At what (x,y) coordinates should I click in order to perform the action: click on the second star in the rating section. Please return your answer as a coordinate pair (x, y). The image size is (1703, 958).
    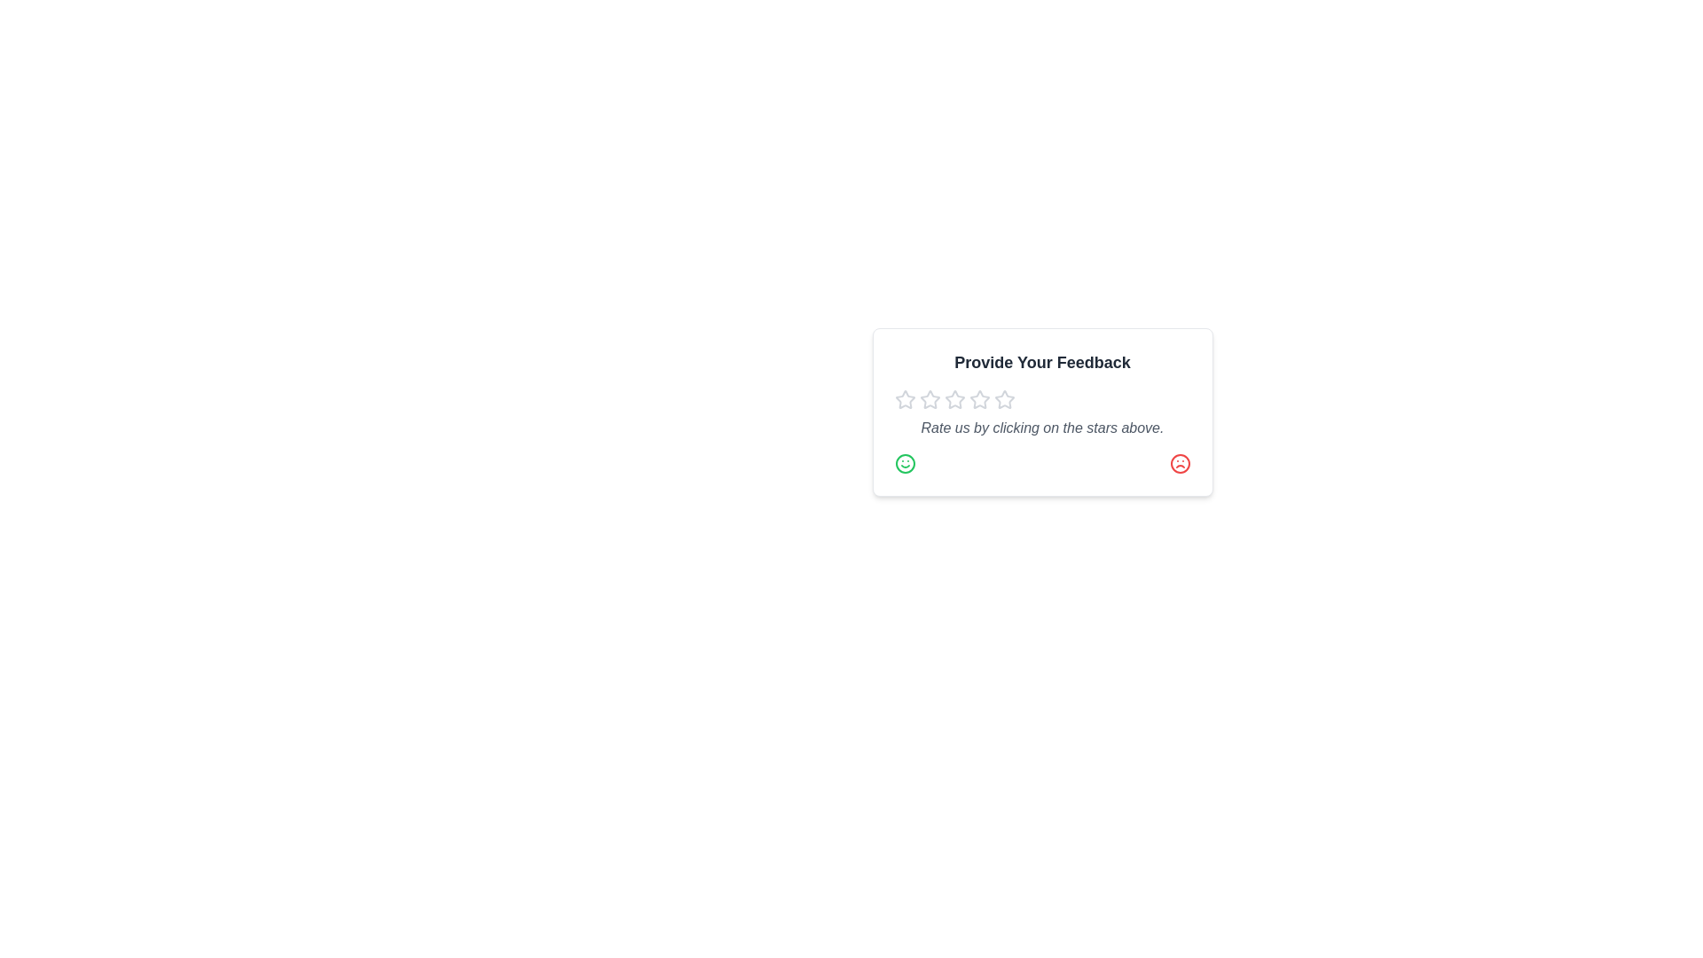
    Looking at the image, I should click on (978, 399).